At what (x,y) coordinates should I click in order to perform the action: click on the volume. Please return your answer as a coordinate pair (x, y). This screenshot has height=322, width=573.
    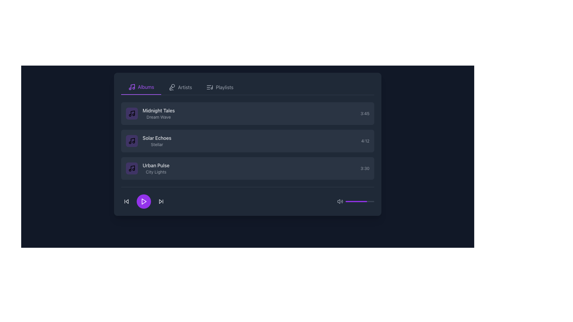
    Looking at the image, I should click on (359, 201).